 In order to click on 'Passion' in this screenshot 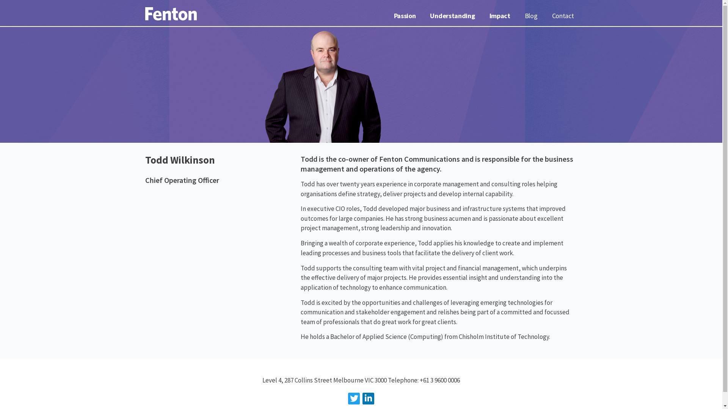, I will do `click(405, 16)`.